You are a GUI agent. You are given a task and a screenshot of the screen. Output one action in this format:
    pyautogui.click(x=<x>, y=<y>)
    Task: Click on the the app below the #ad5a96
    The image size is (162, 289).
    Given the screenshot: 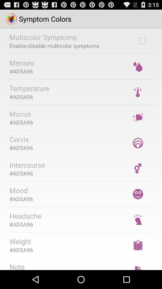 What is the action you would take?
    pyautogui.click(x=27, y=165)
    